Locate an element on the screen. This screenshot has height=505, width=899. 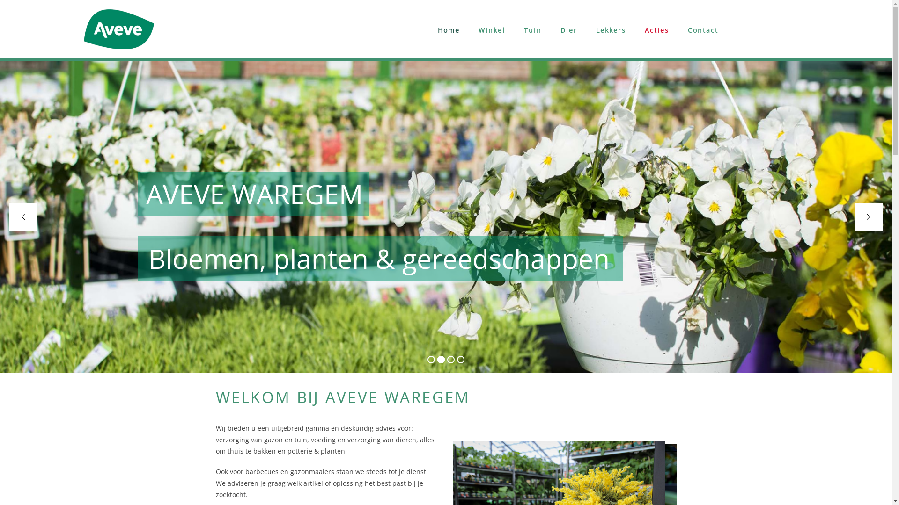
'Tuin' is located at coordinates (532, 30).